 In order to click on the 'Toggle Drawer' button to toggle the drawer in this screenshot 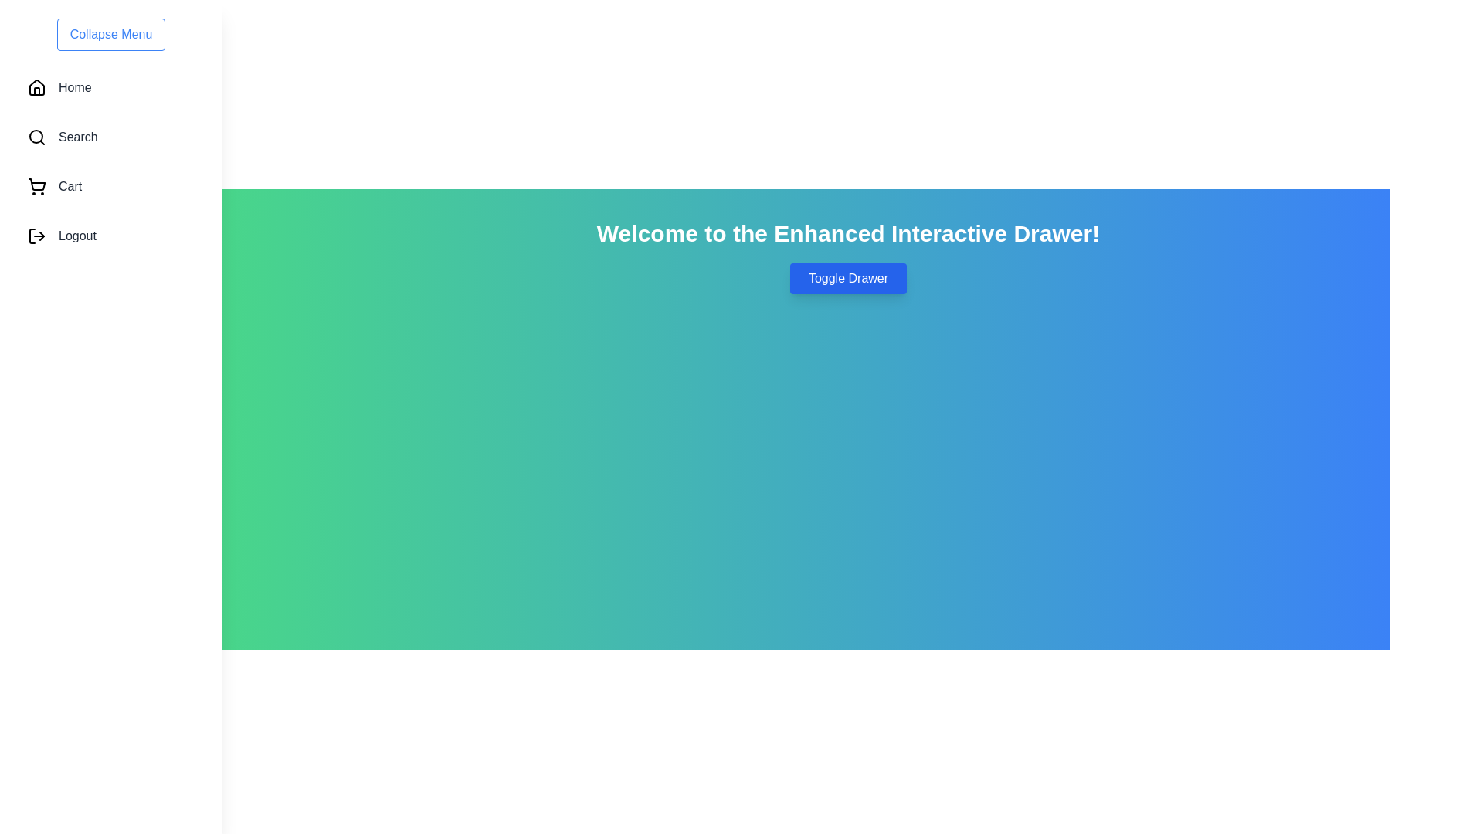, I will do `click(847, 279)`.